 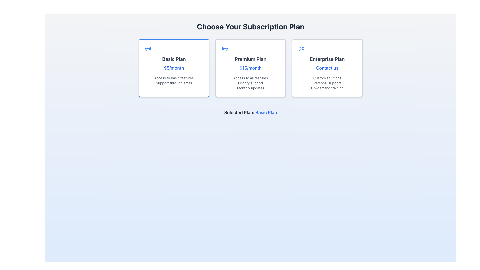 I want to click on the static text display that reads 'Access to all features', which is the first item in the bullet points under the 'Premium Plan' card, so click(x=251, y=78).